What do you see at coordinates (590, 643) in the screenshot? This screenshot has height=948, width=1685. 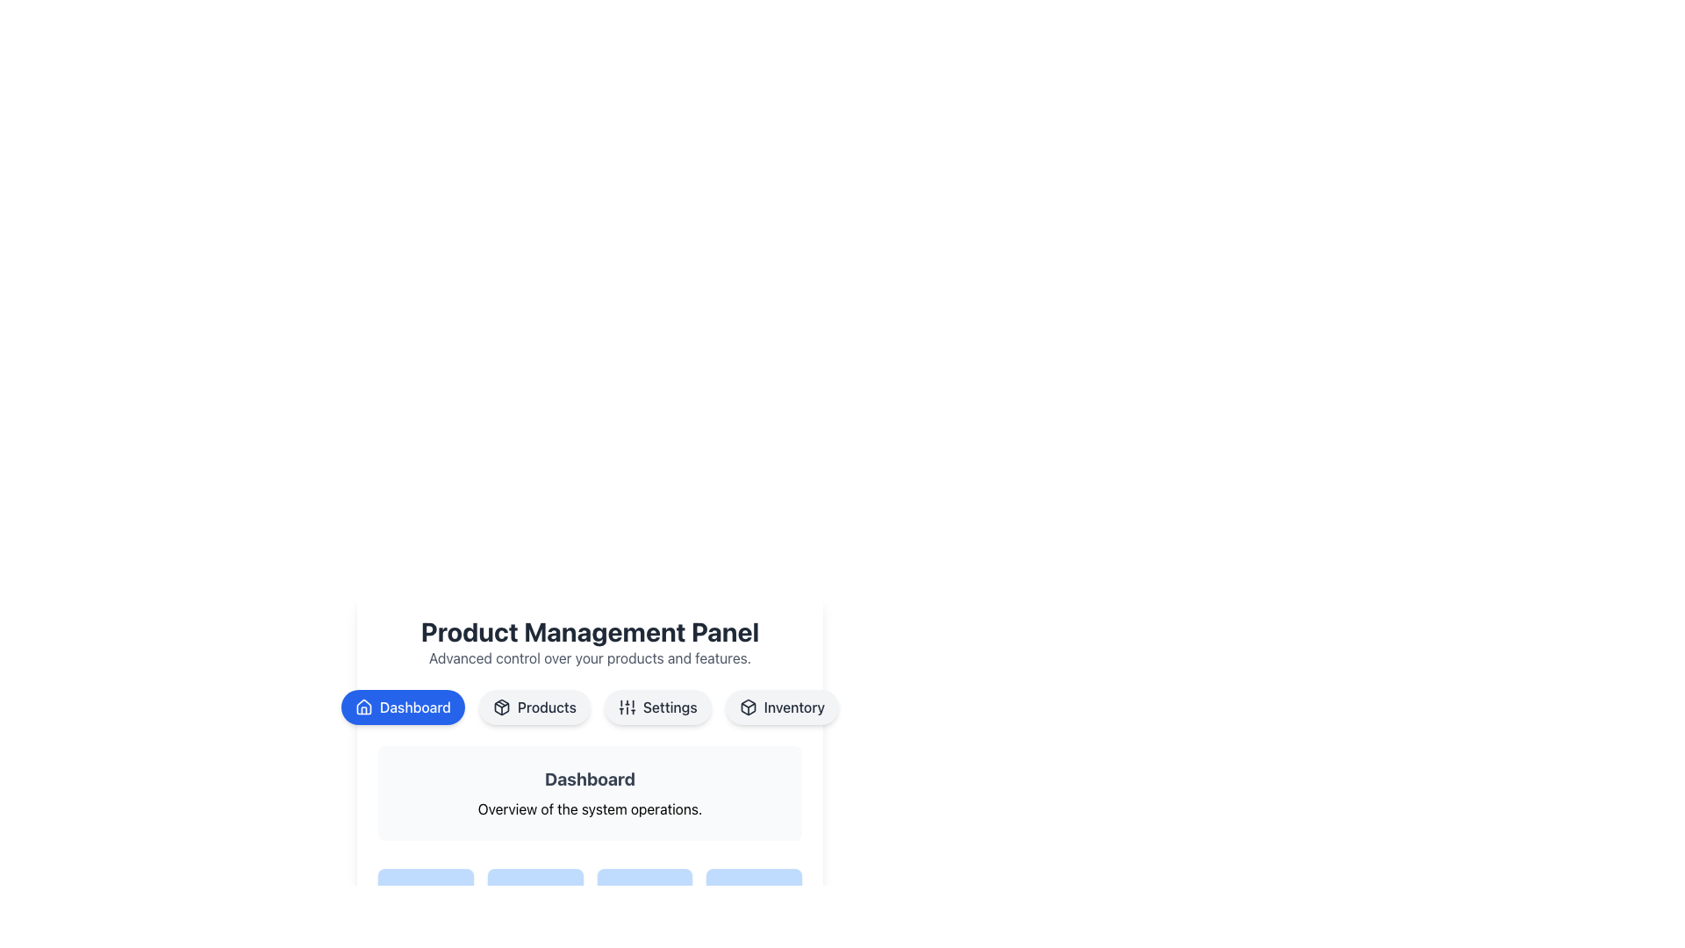 I see `the Textual Header located at the top-center of the panel, above the navigation buttons labeled 'Dashboard', 'Products', 'Settings', and 'Inventory'` at bounding box center [590, 643].